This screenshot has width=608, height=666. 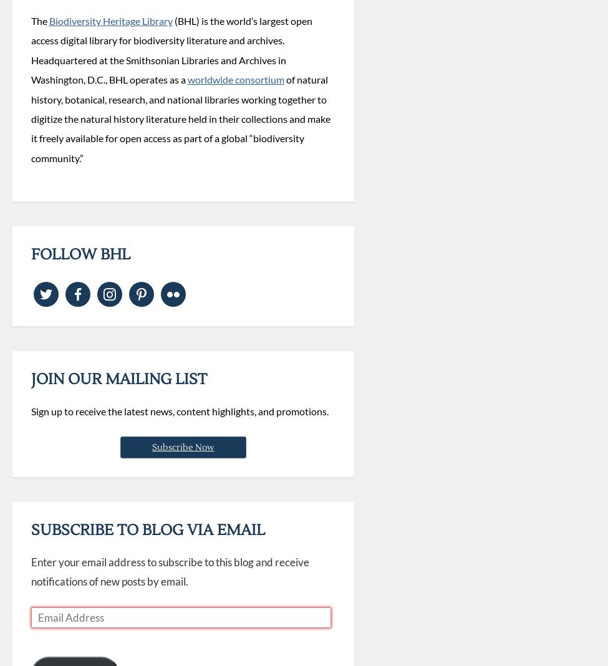 What do you see at coordinates (118, 378) in the screenshot?
I see `'Join Our Mailing List'` at bounding box center [118, 378].